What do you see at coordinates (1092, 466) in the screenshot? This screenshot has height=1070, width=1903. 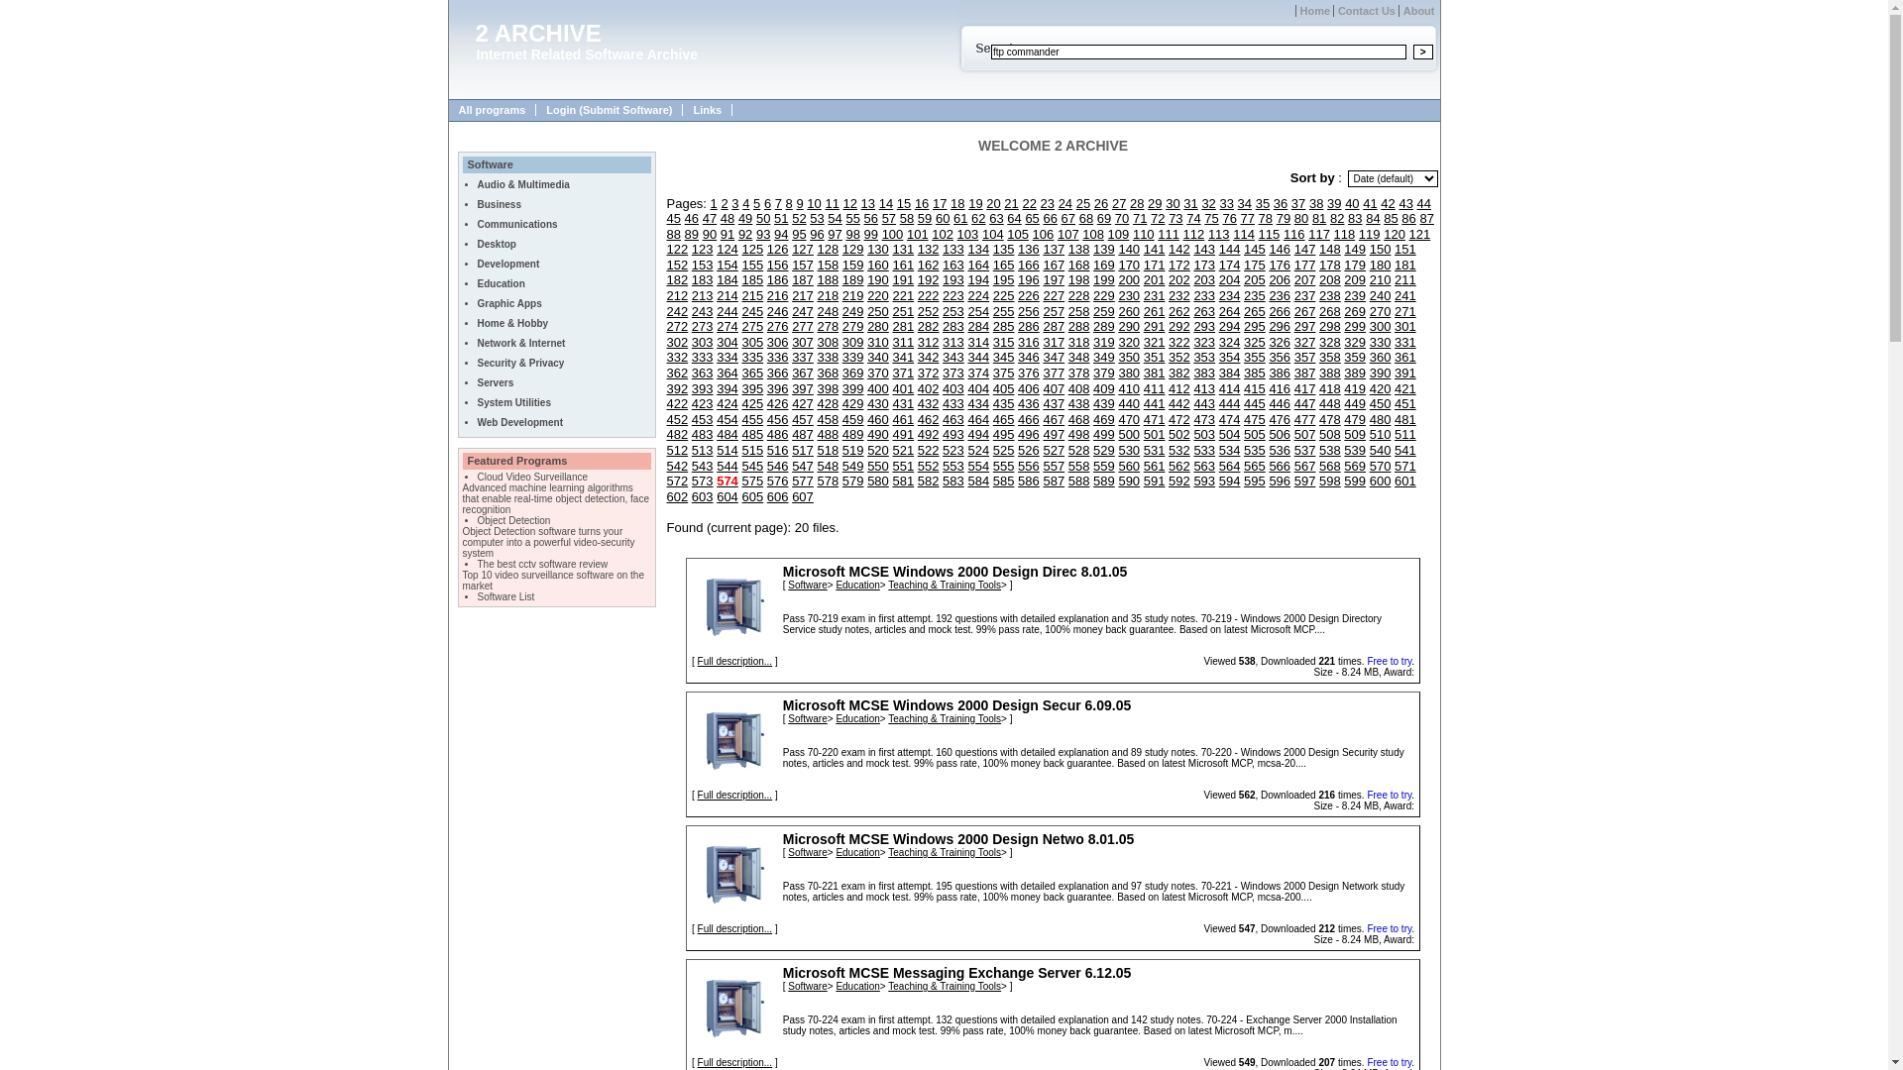 I see `'559'` at bounding box center [1092, 466].